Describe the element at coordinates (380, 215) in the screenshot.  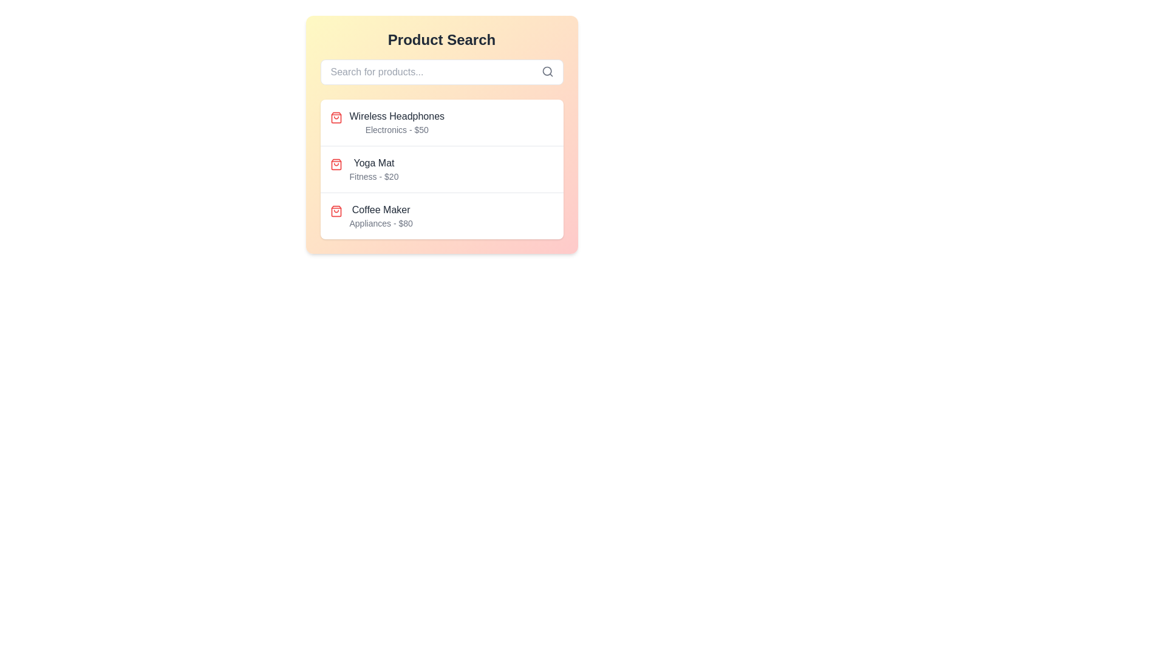
I see `the 'Coffee Maker' list item element` at that location.